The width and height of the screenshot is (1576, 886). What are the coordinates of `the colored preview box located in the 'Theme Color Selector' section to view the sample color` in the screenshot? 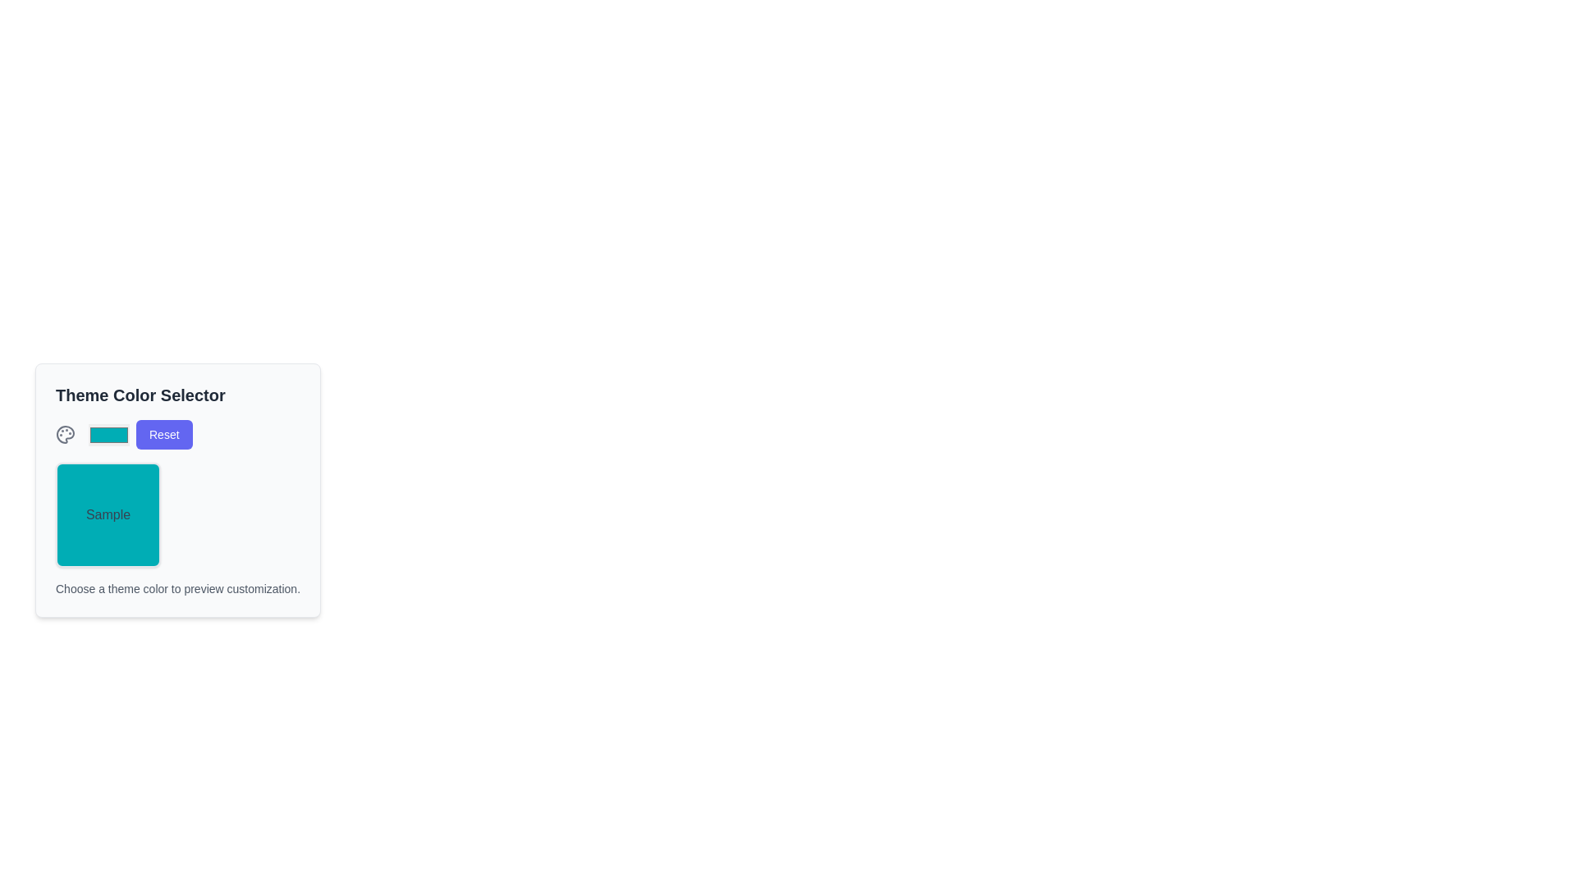 It's located at (108, 514).